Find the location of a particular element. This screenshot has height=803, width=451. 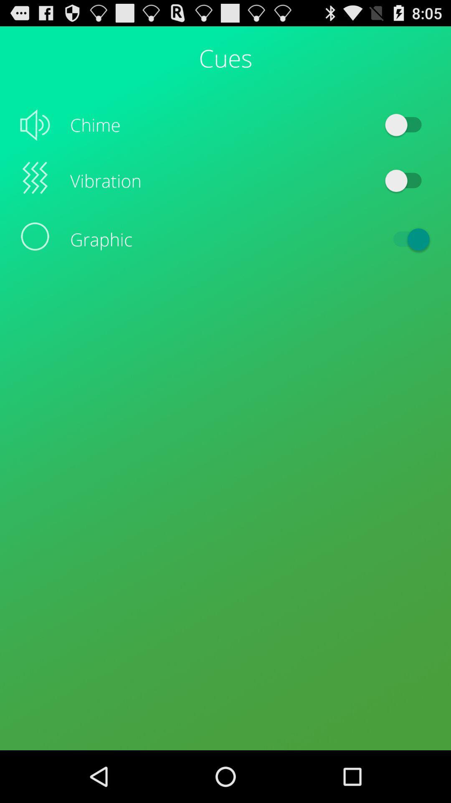

the icon below the cues icon is located at coordinates (407, 124).